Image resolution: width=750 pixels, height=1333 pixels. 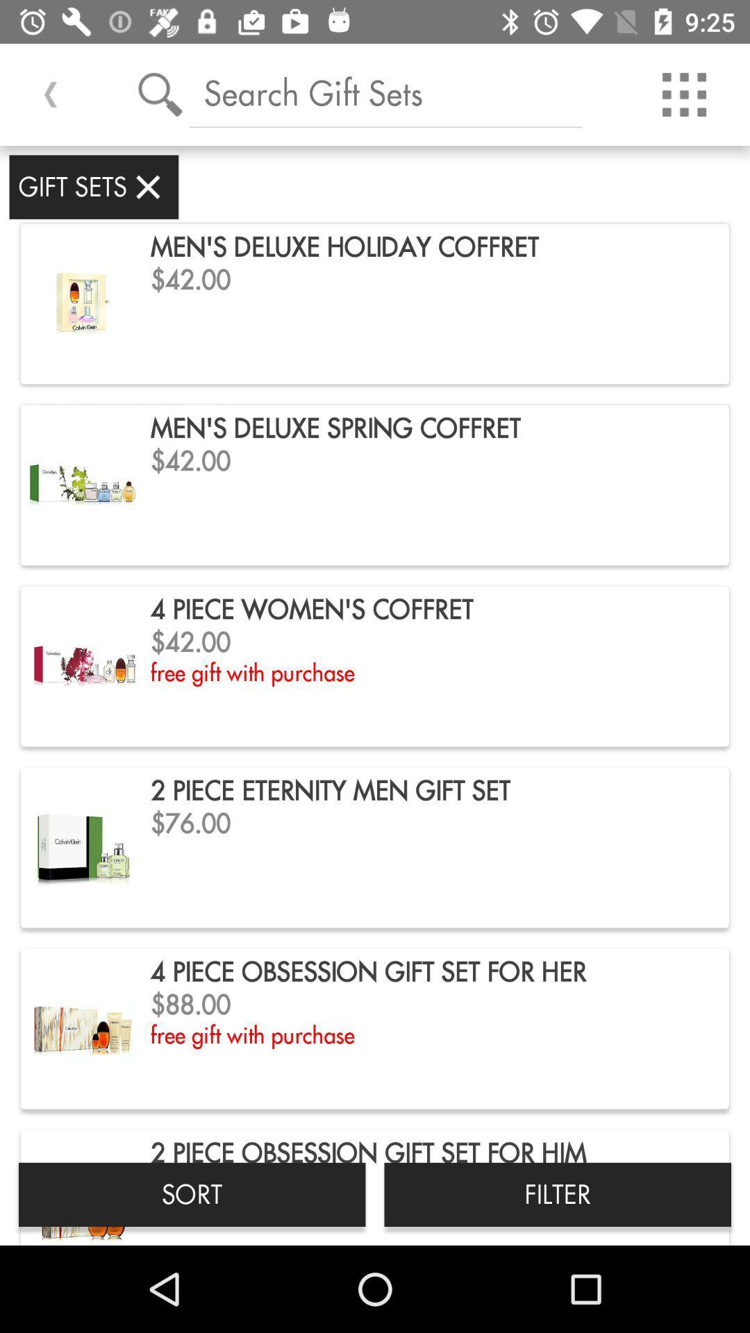 What do you see at coordinates (557, 1193) in the screenshot?
I see `the item to the right of sort item` at bounding box center [557, 1193].